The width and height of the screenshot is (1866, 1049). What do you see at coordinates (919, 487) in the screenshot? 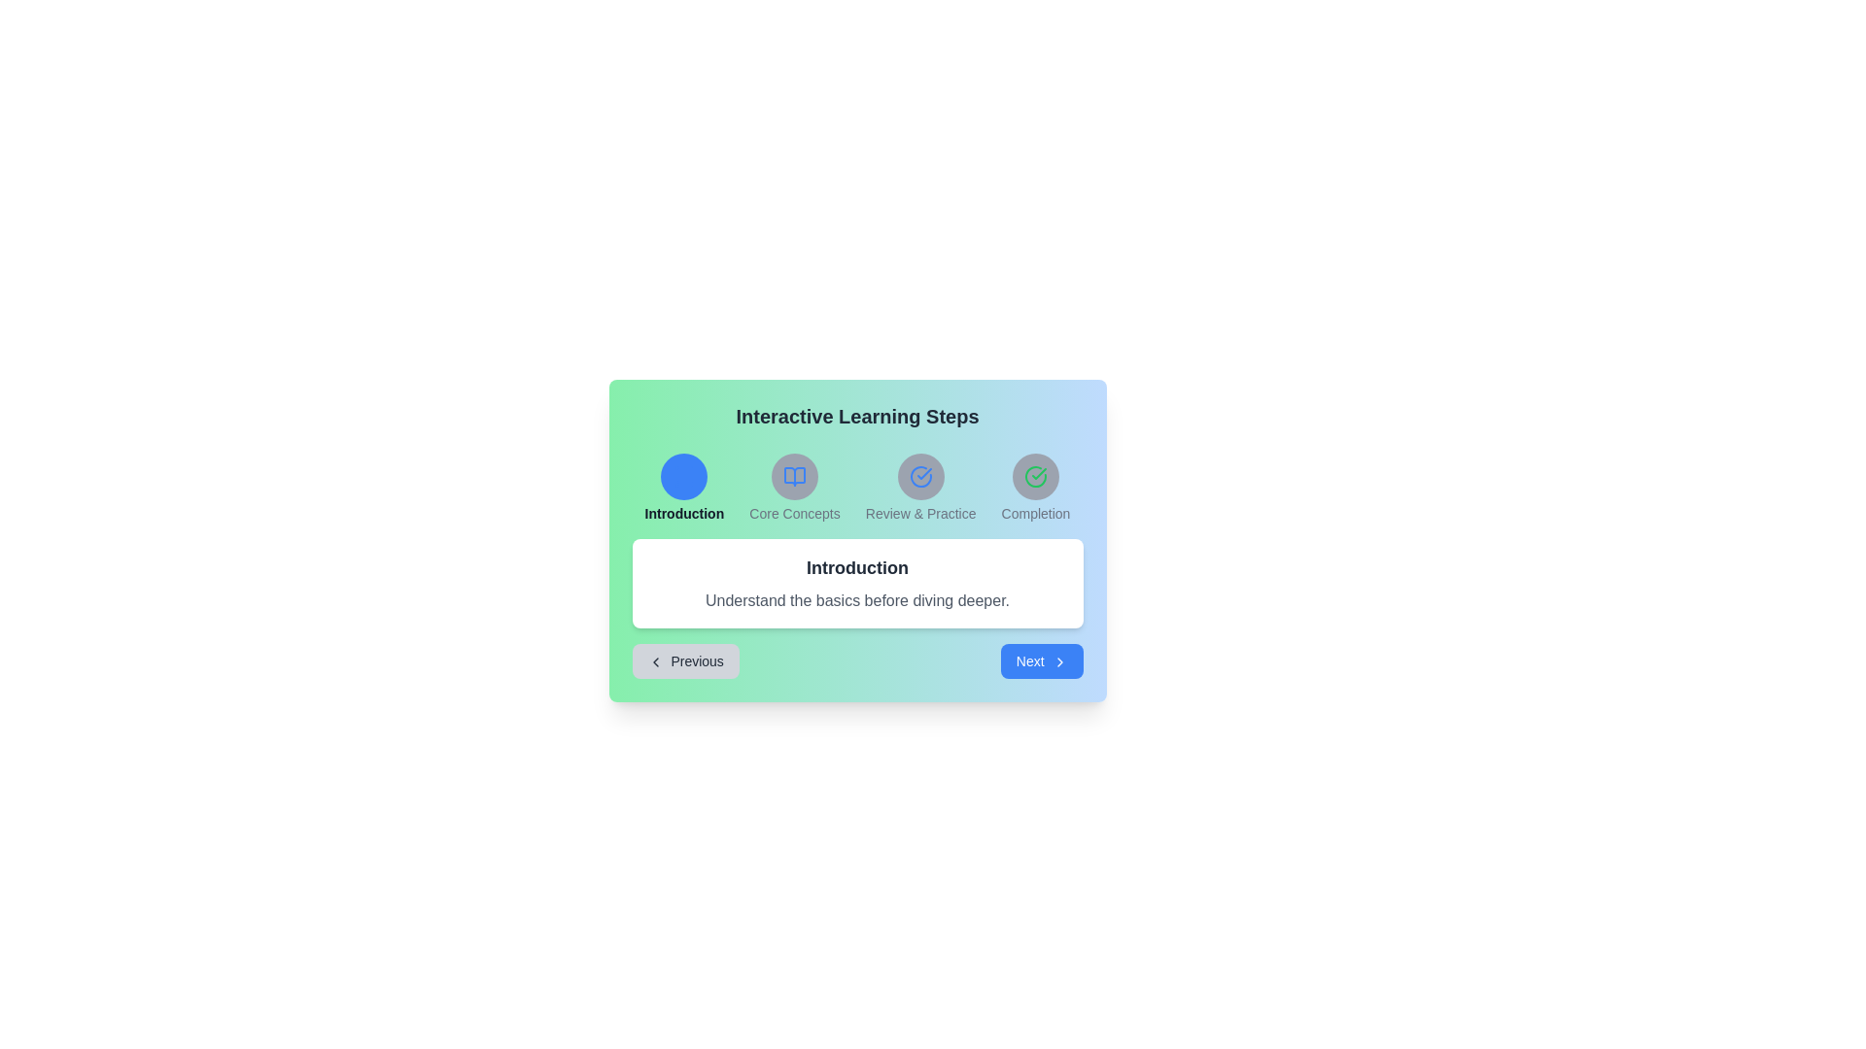
I see `the circular icon with a blue checkmark and the label 'Review & Practice' located in the center of the interface, which is the third item in a group of four` at bounding box center [919, 487].